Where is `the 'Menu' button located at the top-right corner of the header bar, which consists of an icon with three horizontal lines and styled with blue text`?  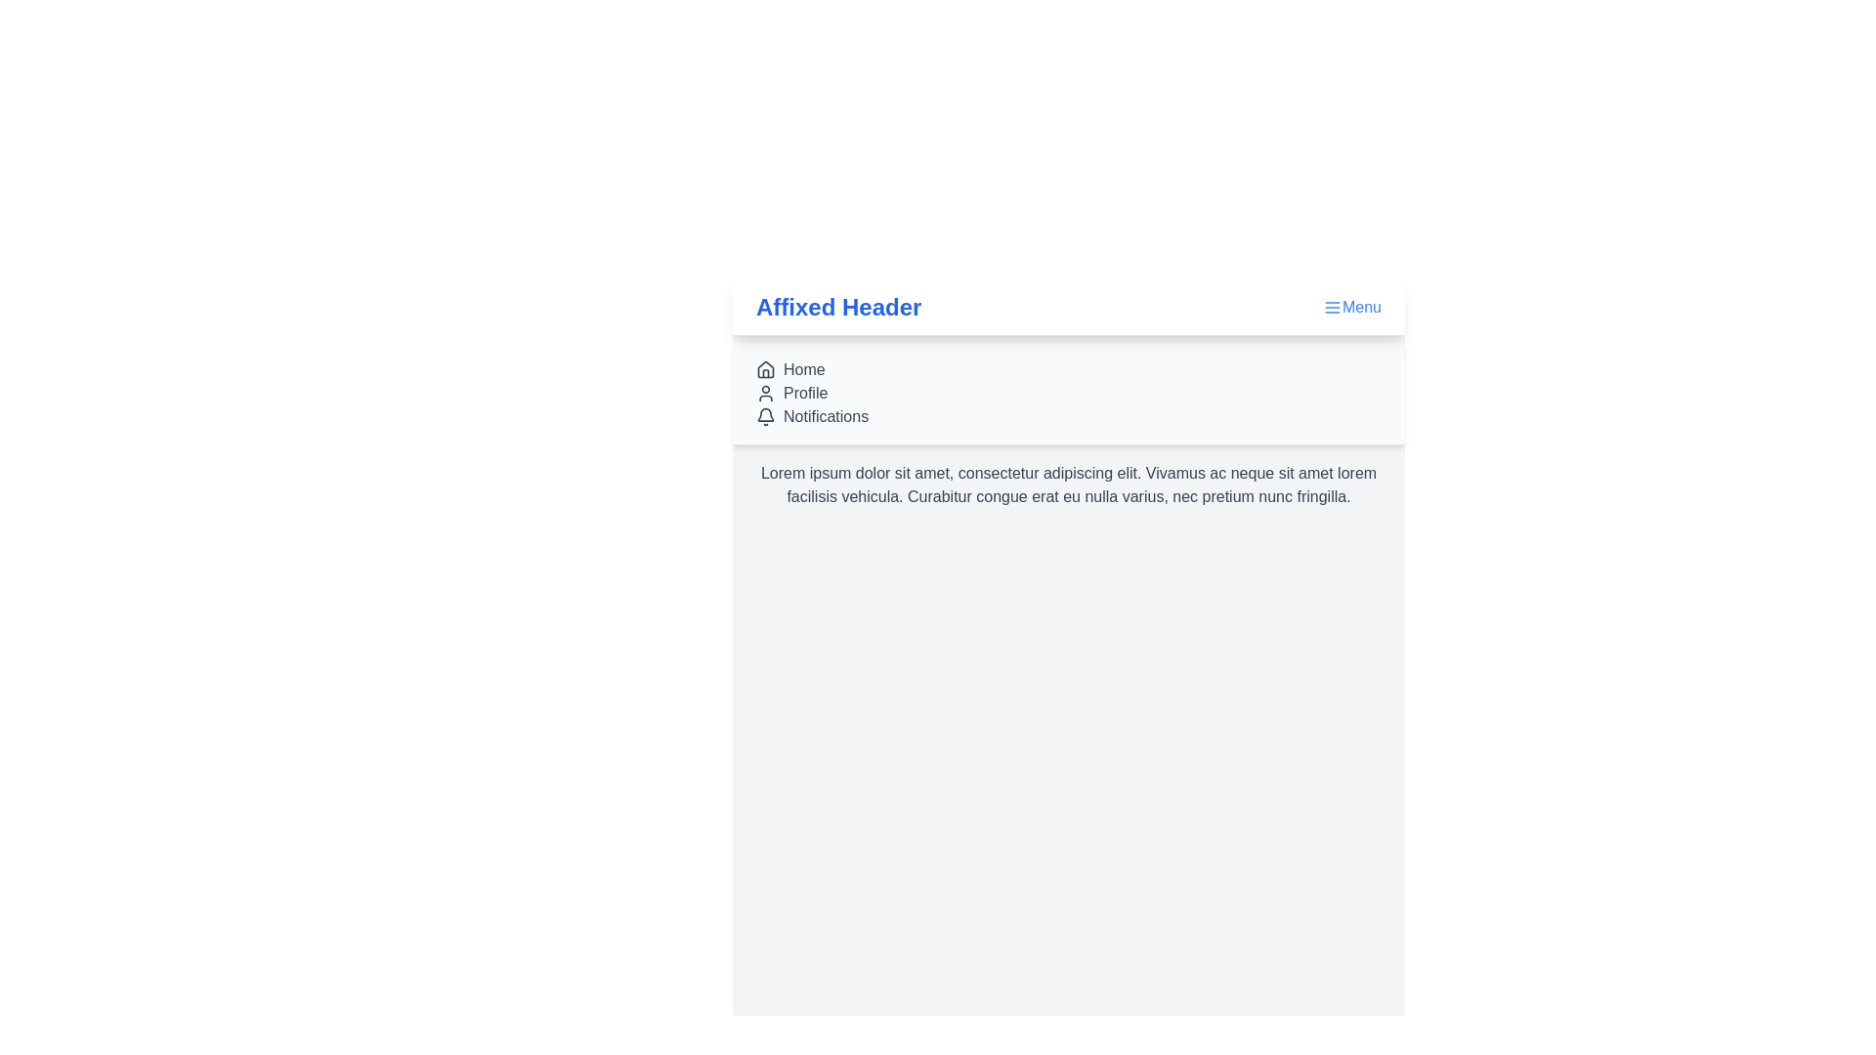 the 'Menu' button located at the top-right corner of the header bar, which consists of an icon with three horizontal lines and styled with blue text is located at coordinates (1350, 308).